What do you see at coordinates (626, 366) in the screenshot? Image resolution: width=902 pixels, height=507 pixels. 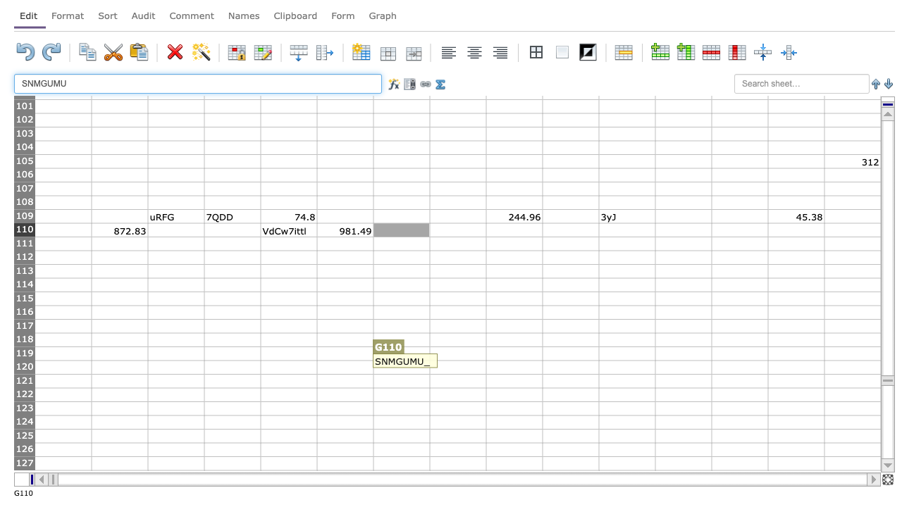 I see `C K120` at bounding box center [626, 366].